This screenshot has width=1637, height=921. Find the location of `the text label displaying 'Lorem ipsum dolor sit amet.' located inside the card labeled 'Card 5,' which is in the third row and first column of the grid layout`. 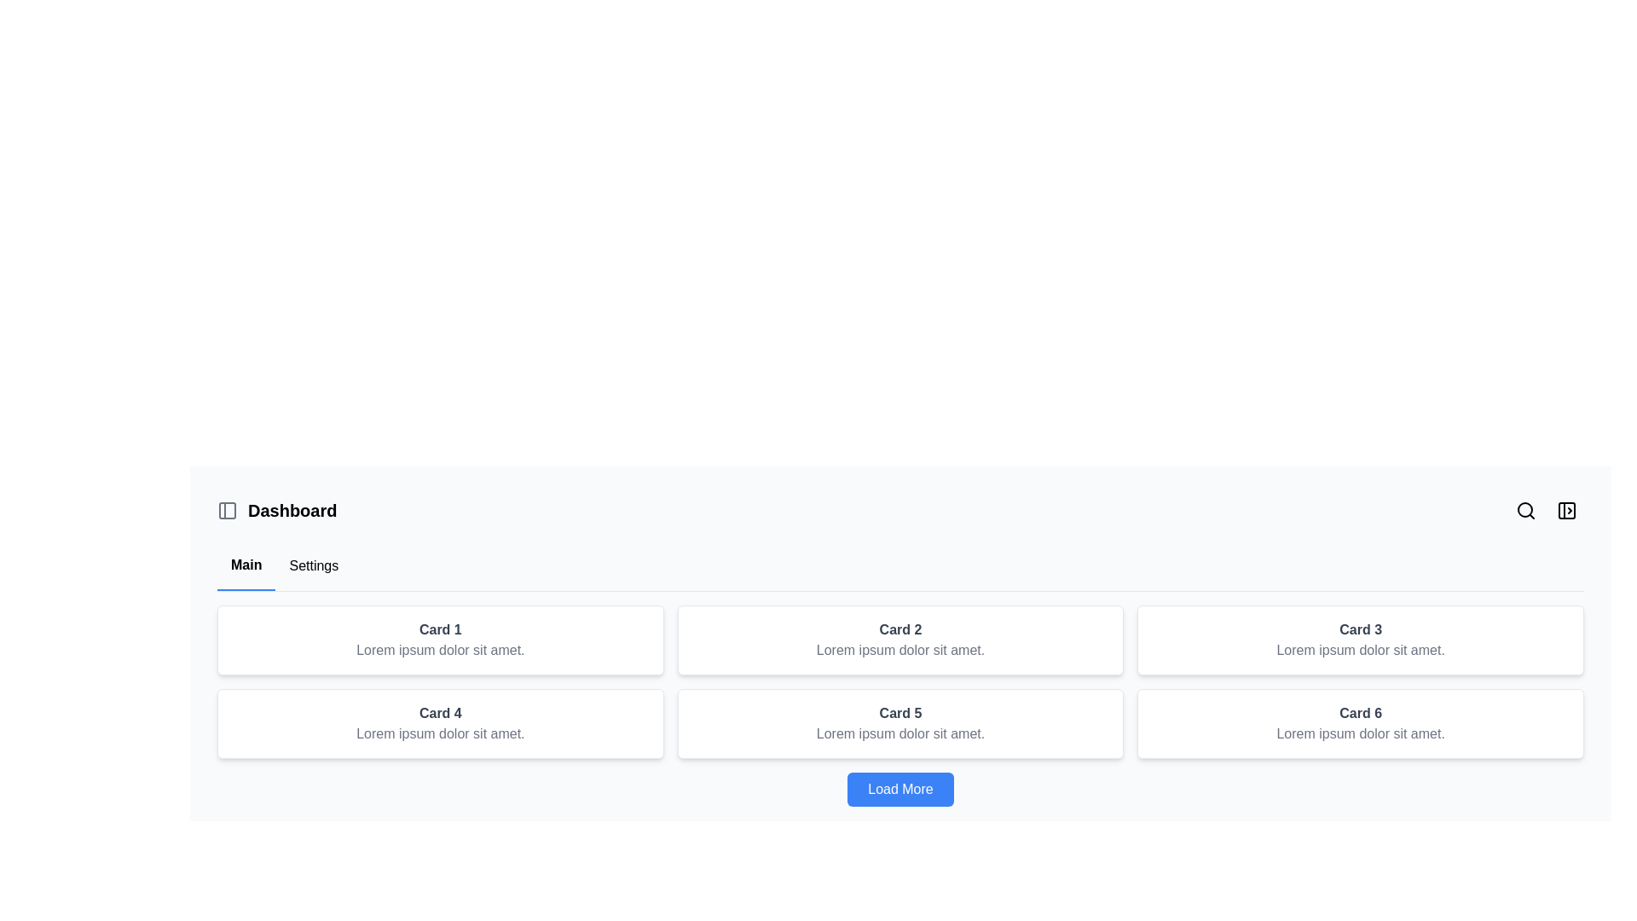

the text label displaying 'Lorem ipsum dolor sit amet.' located inside the card labeled 'Card 5,' which is in the third row and first column of the grid layout is located at coordinates (899, 733).